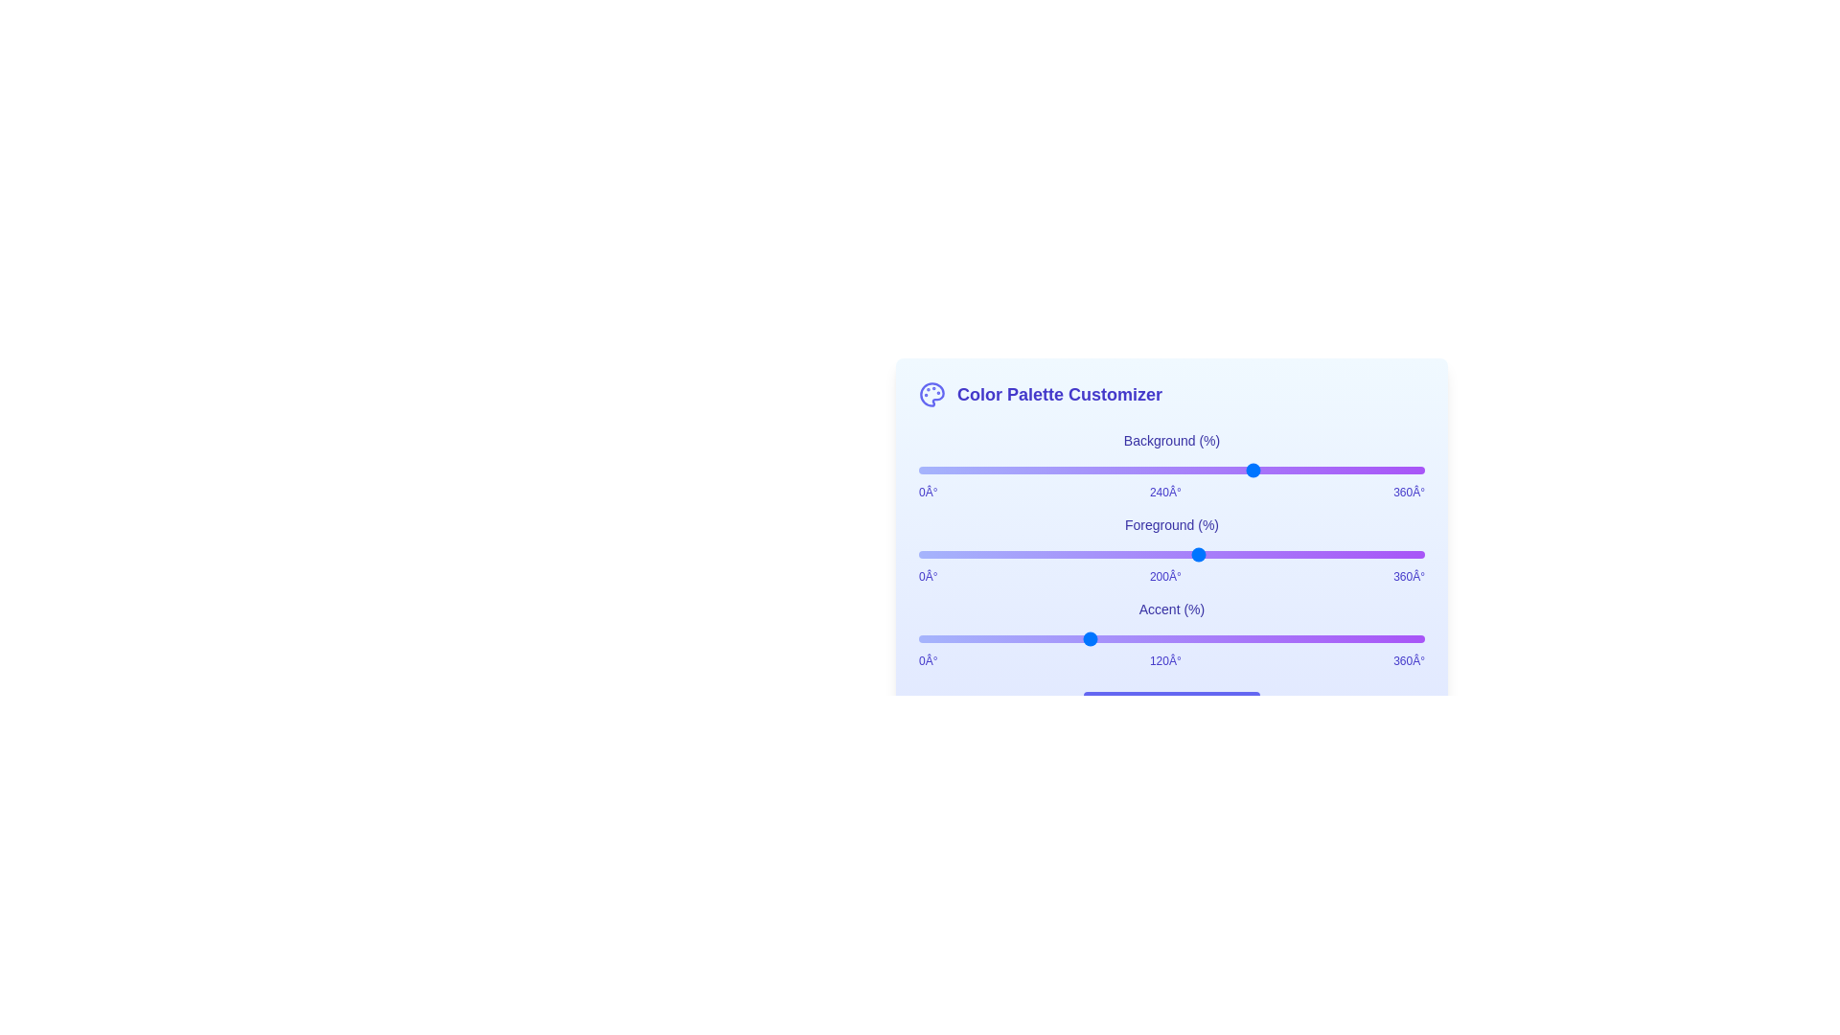 This screenshot has height=1035, width=1840. I want to click on the Accent slider to set its hue to 186 degrees, so click(1179, 639).